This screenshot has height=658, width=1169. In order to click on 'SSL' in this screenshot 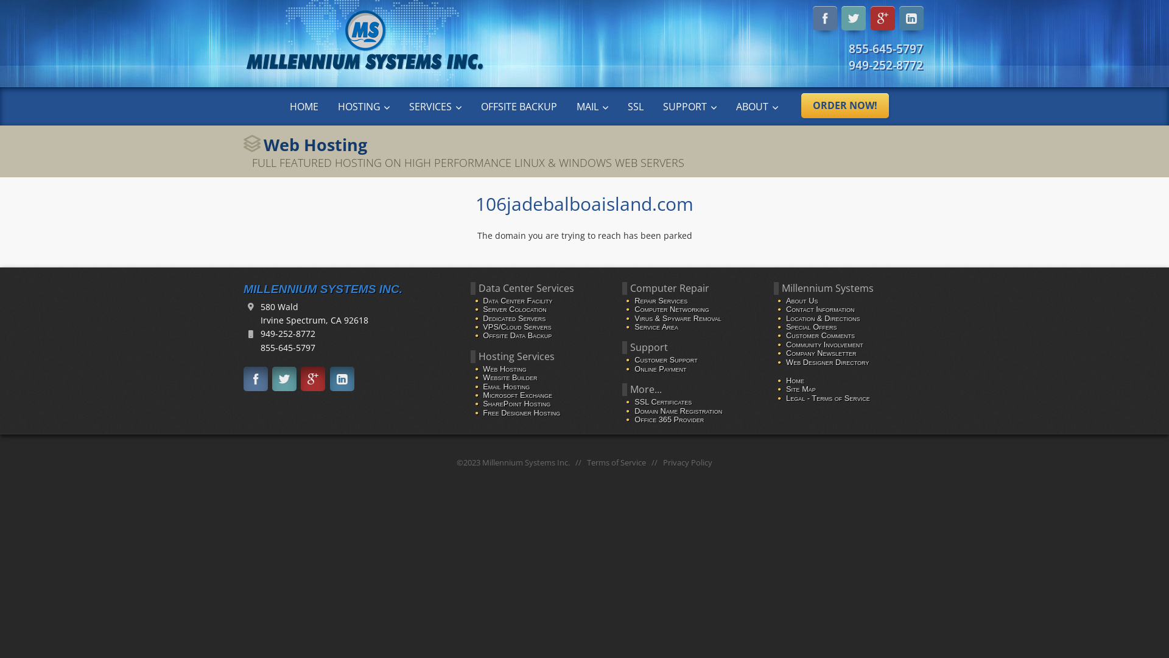, I will do `click(634, 105)`.